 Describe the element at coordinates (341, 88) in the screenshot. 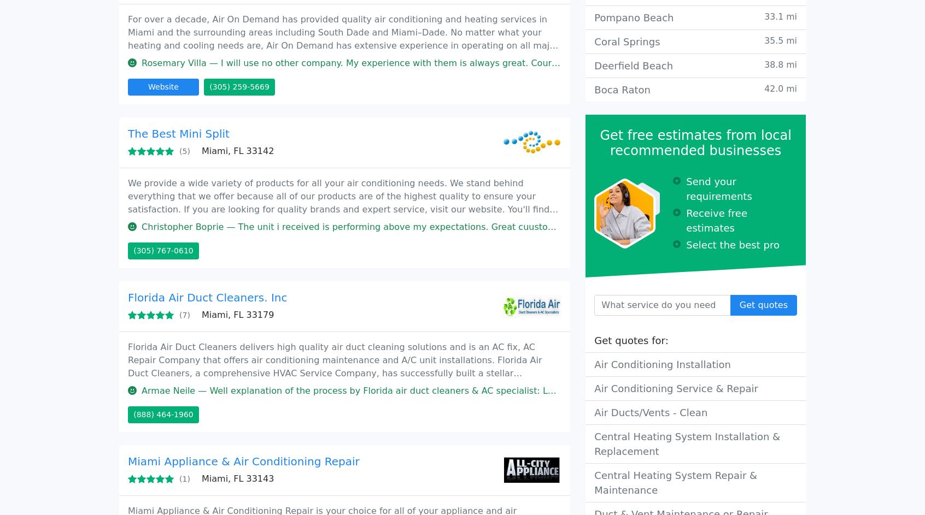

I see `'Since 1936, Hill York has been providing energy efficient services for the installation, maintenance, and repair of a wide range of commercial heating, cooling, and ventilation systems across Florida. We recently moved and installed 10 roof top units for a client's very large warehouse facility in St. Petersburg, FL.'` at that location.